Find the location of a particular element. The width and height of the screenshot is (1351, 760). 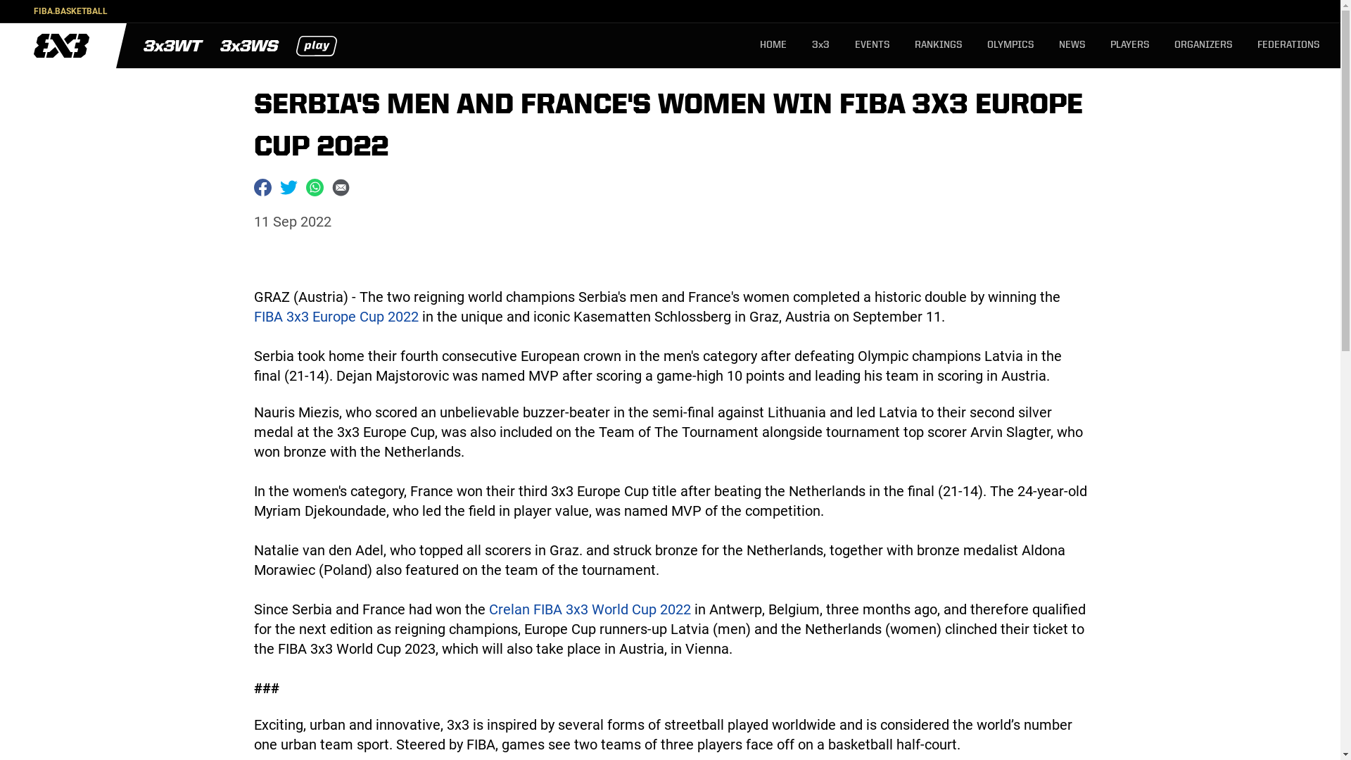

'HOME' is located at coordinates (773, 44).